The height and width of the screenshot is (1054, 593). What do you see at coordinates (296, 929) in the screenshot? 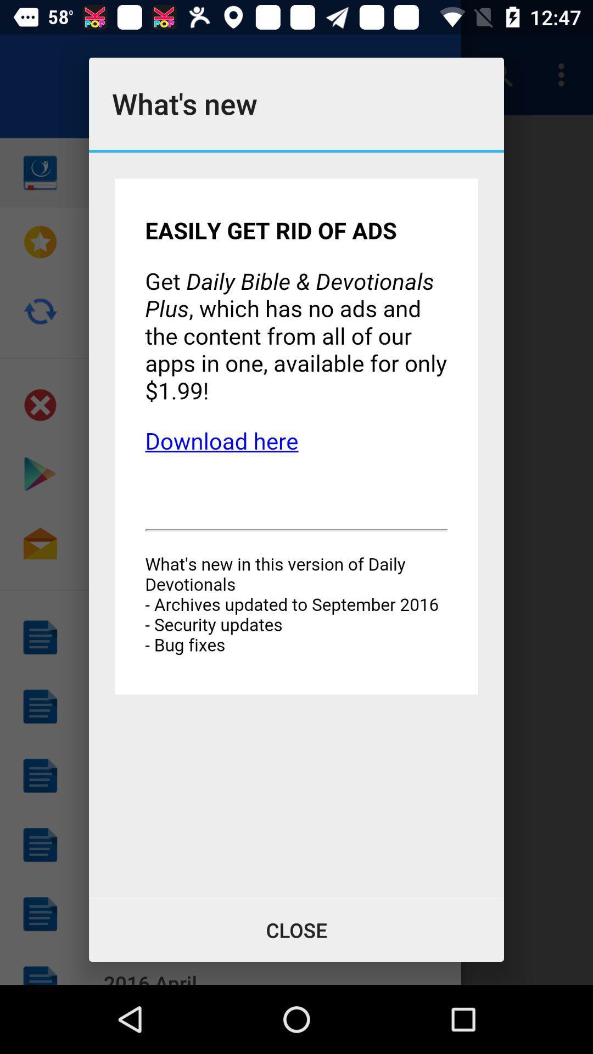
I see `close` at bounding box center [296, 929].